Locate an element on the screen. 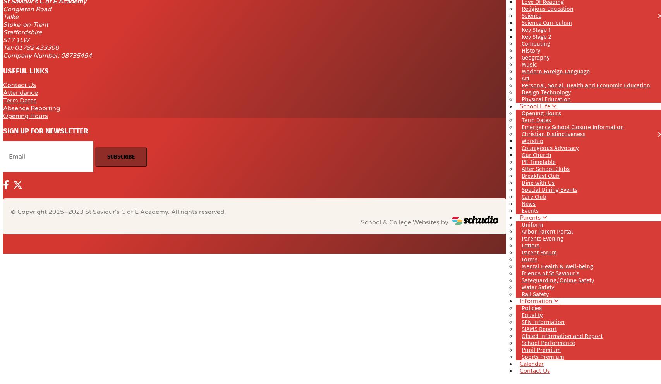 This screenshot has width=661, height=384. 'Company Number: 08735454' is located at coordinates (3, 55).